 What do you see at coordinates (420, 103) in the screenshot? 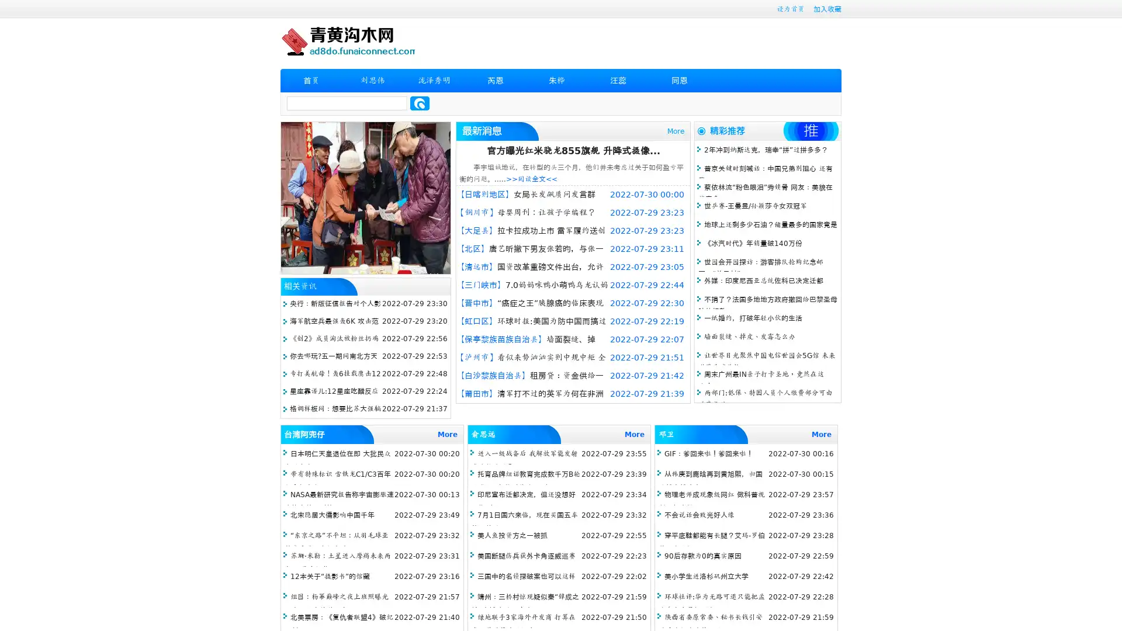
I see `Search` at bounding box center [420, 103].